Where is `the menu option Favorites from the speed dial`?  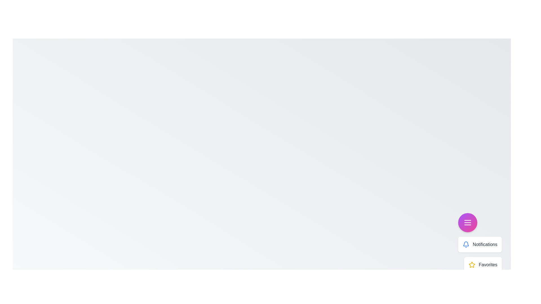
the menu option Favorites from the speed dial is located at coordinates (472, 265).